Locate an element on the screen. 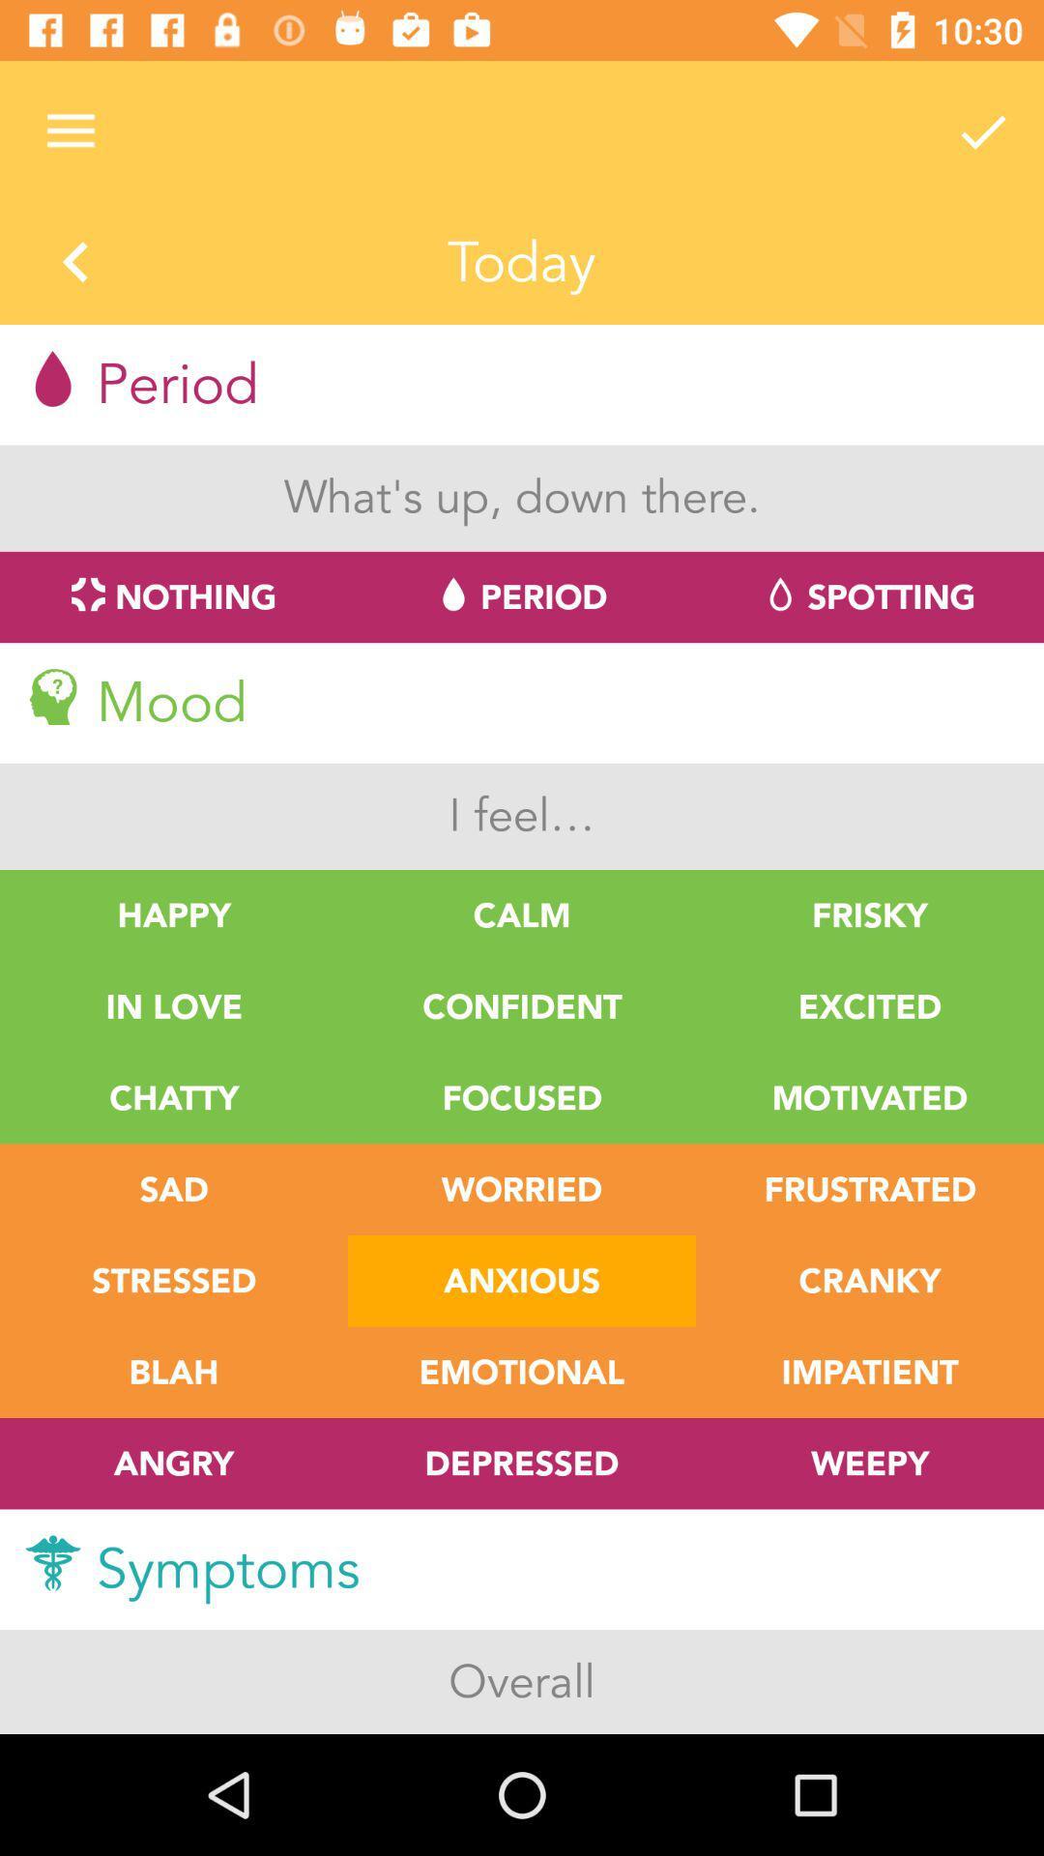 Image resolution: width=1044 pixels, height=1856 pixels. the text today on the web page is located at coordinates (522, 263).